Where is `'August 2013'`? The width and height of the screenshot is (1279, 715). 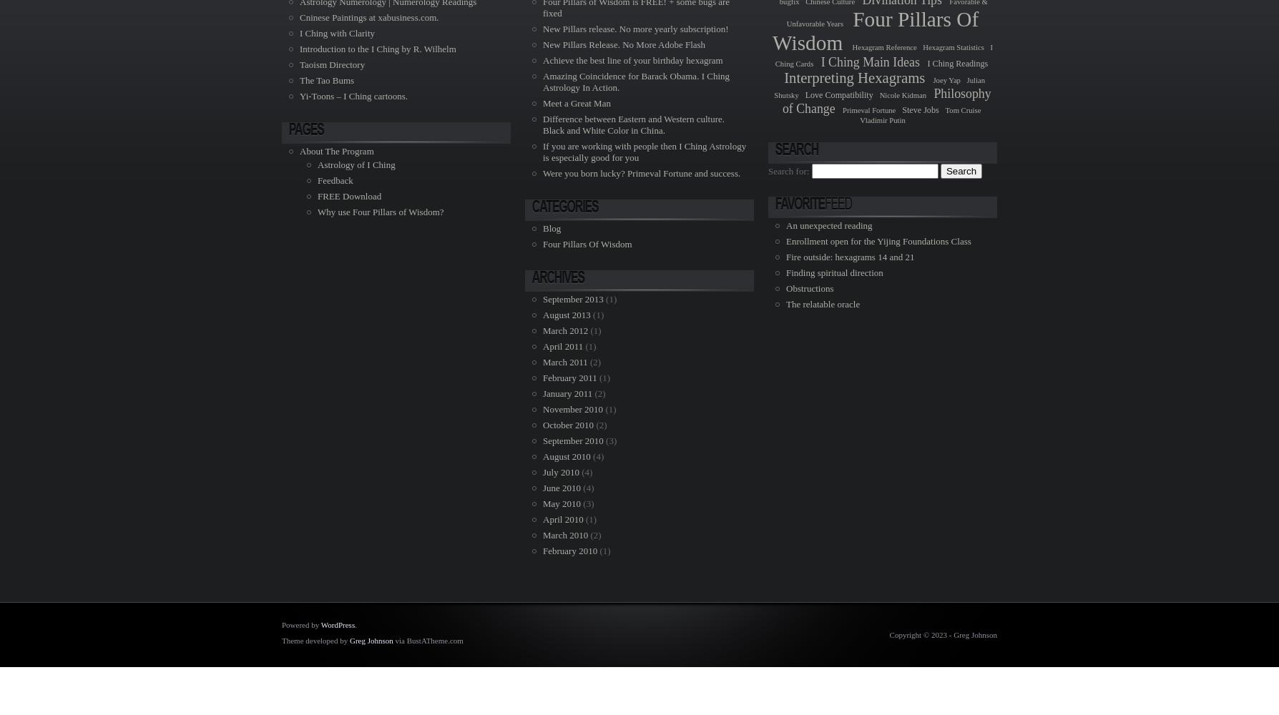
'August 2013' is located at coordinates (542, 314).